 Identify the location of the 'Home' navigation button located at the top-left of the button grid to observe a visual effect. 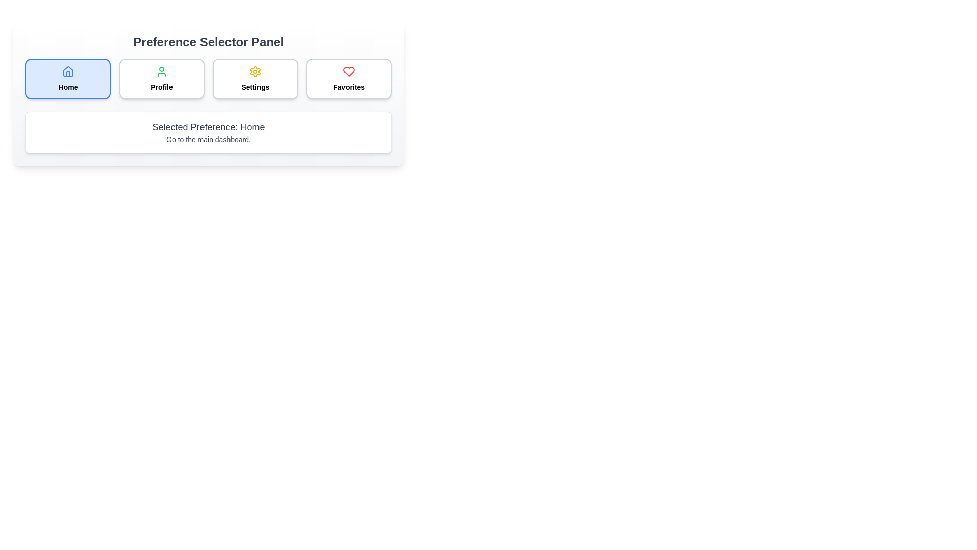
(68, 78).